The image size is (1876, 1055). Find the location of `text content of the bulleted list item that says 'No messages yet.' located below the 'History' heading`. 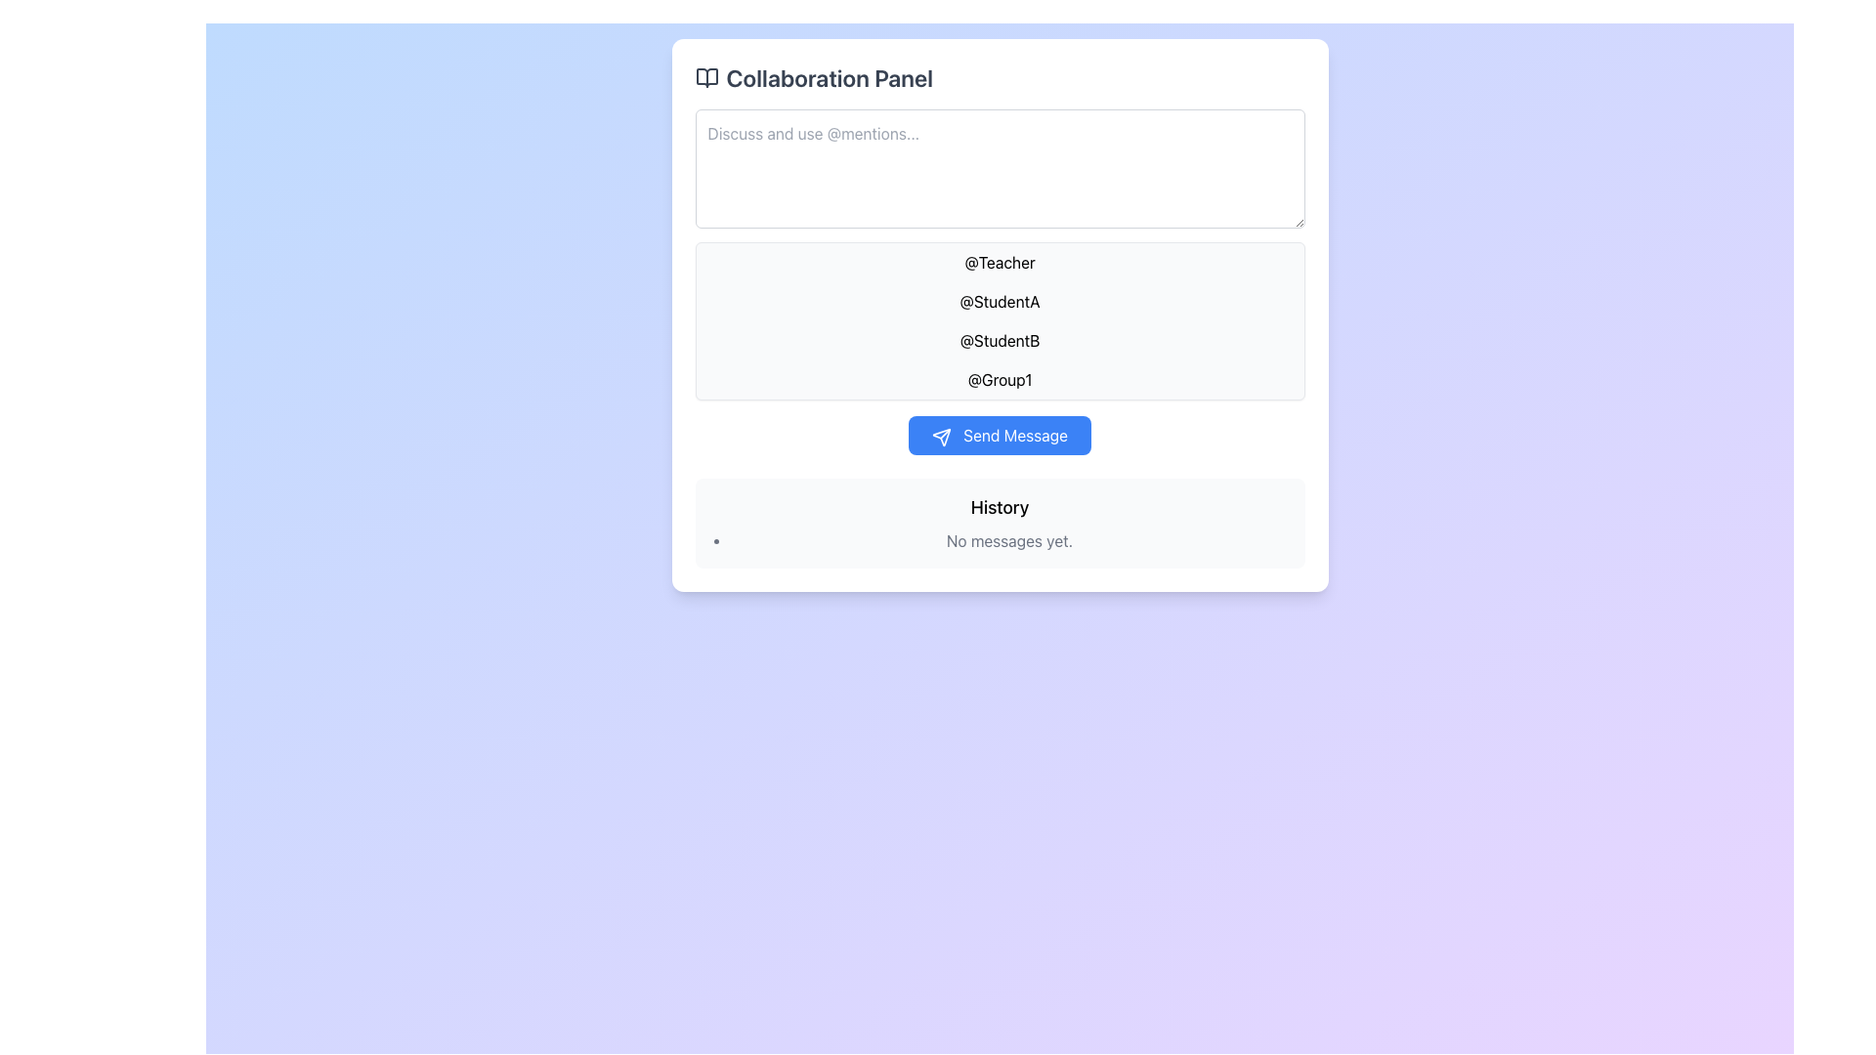

text content of the bulleted list item that says 'No messages yet.' located below the 'History' heading is located at coordinates (1000, 541).